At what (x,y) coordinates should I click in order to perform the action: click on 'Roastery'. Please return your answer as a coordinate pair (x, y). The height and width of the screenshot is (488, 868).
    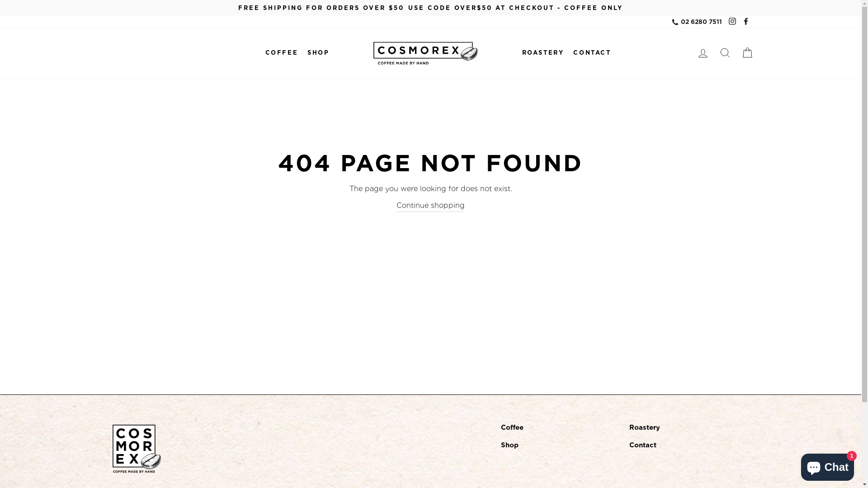
    Looking at the image, I should click on (644, 427).